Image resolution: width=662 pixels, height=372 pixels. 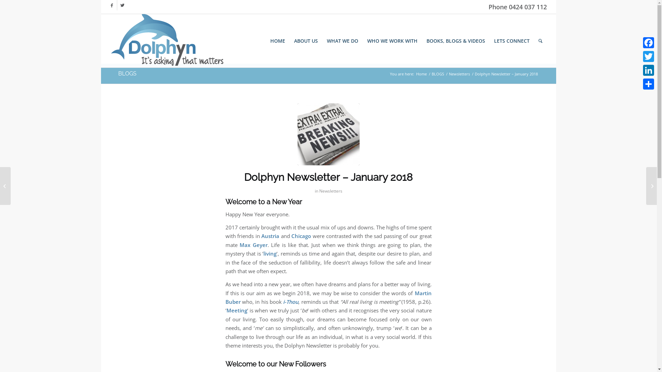 What do you see at coordinates (305, 41) in the screenshot?
I see `'ABOUT US'` at bounding box center [305, 41].